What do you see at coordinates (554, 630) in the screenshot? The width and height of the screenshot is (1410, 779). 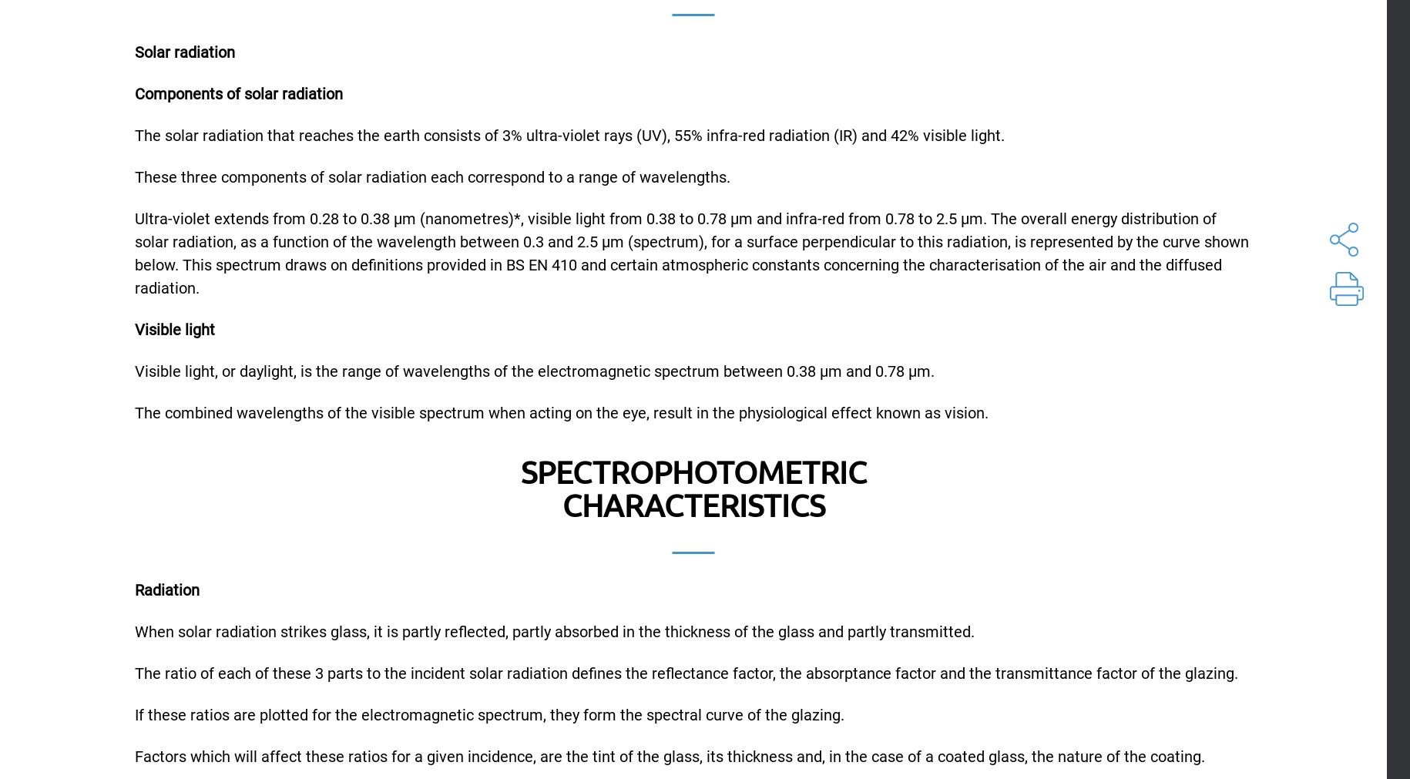 I see `'When solar radiation strikes glass, it is partly reflected, partly absorbed in the thickness of the glass and partly transmitted.'` at bounding box center [554, 630].